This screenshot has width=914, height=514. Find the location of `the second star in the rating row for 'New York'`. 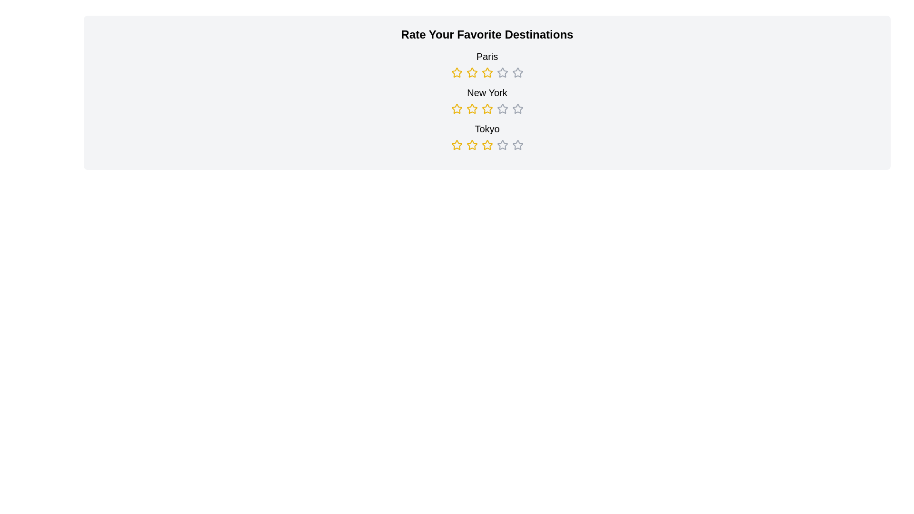

the second star in the rating row for 'New York' is located at coordinates (456, 108).